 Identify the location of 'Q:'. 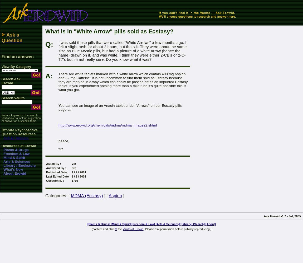
(45, 44).